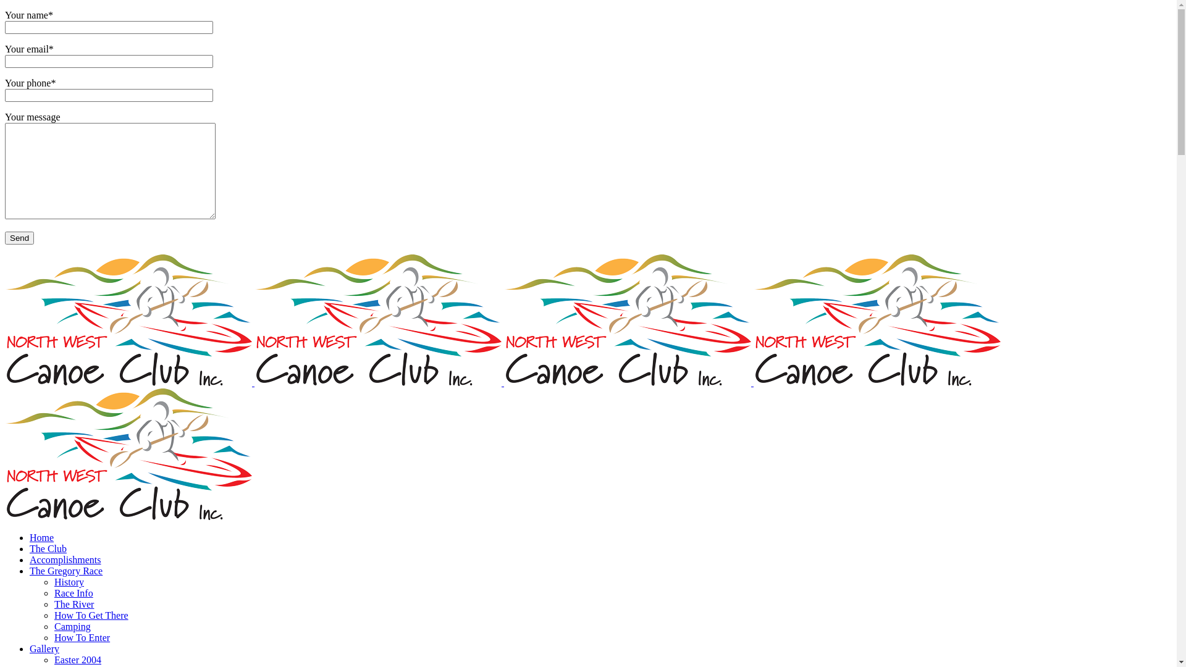  Describe the element at coordinates (48, 548) in the screenshot. I see `'The Club'` at that location.